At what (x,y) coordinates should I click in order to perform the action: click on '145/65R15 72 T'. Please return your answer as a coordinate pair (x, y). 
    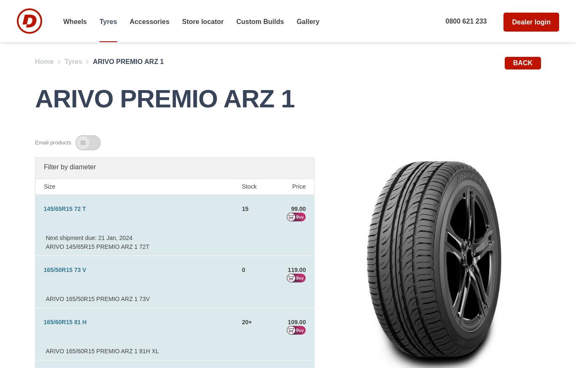
    Looking at the image, I should click on (64, 208).